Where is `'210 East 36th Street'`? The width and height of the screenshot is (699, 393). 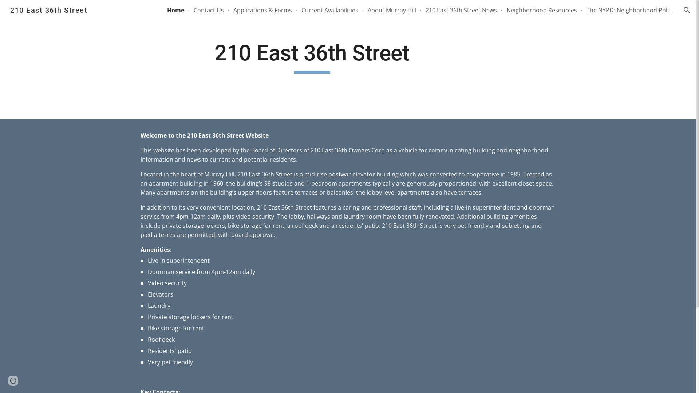 '210 East 36th Street' is located at coordinates (48, 9).